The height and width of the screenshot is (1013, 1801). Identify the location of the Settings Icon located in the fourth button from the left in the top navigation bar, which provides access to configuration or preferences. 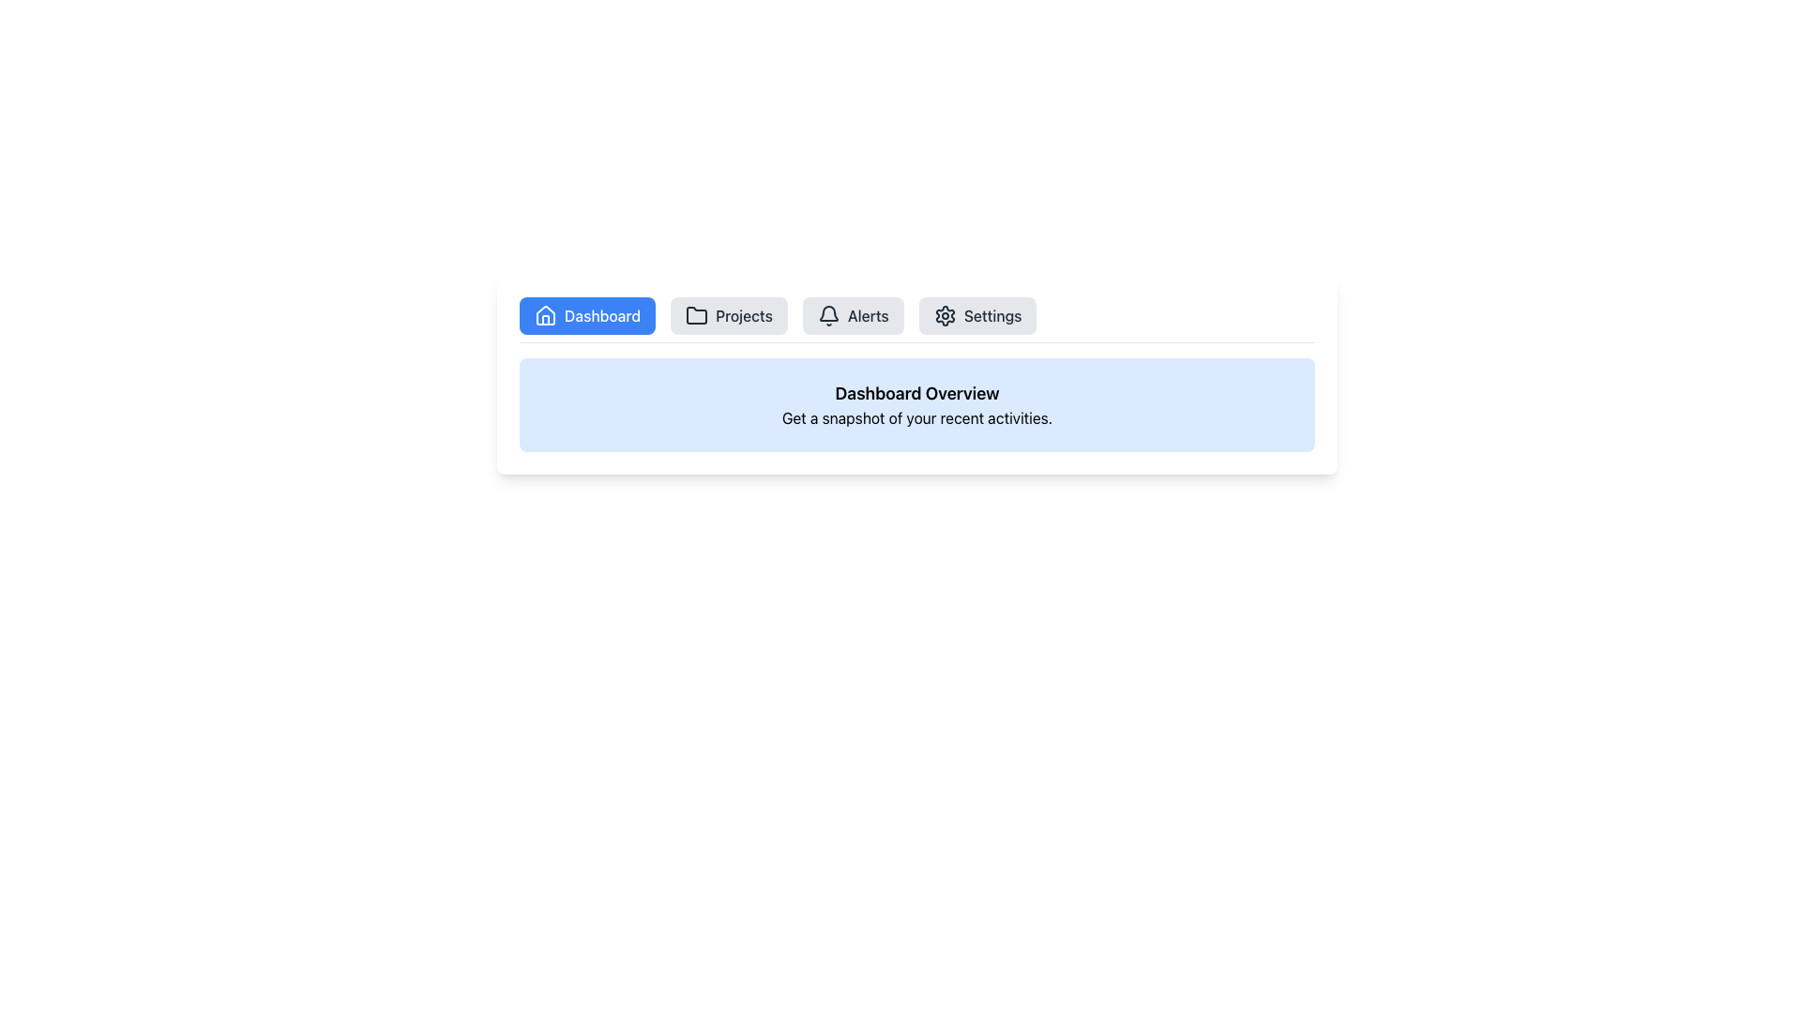
(945, 314).